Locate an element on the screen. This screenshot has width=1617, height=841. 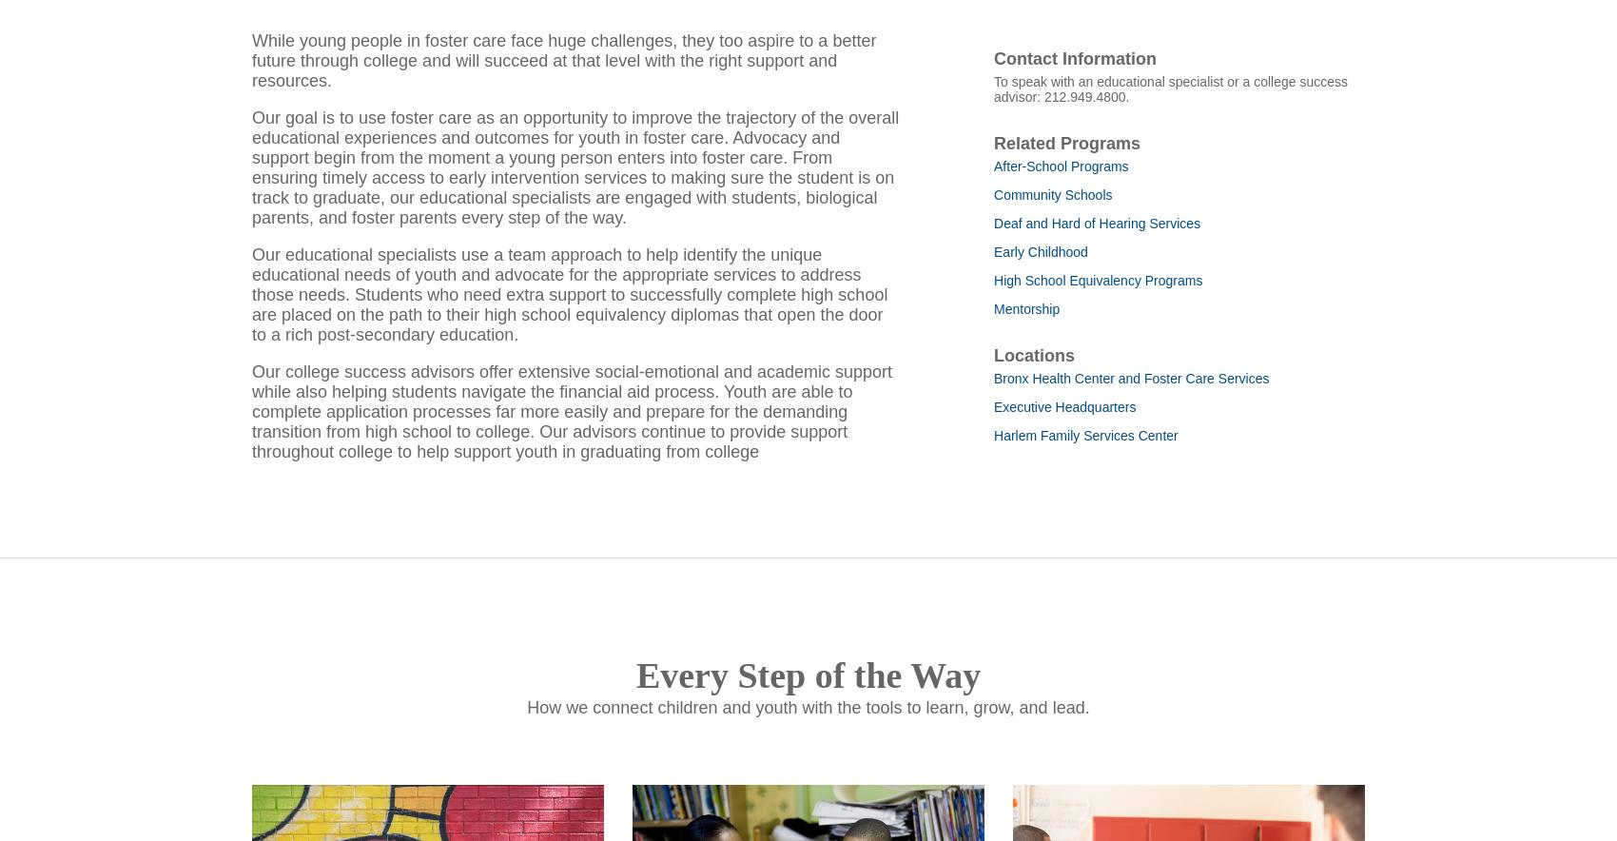
'Our educational specialists use a team approach to help identify the unique educational needs of youth and advocate for the appropriate services to address those needs. Students who need extra support to successfully complete high school are placed on the path to their high school equivalency diplomas that open the door to a rich post-secondary education.' is located at coordinates (569, 319).